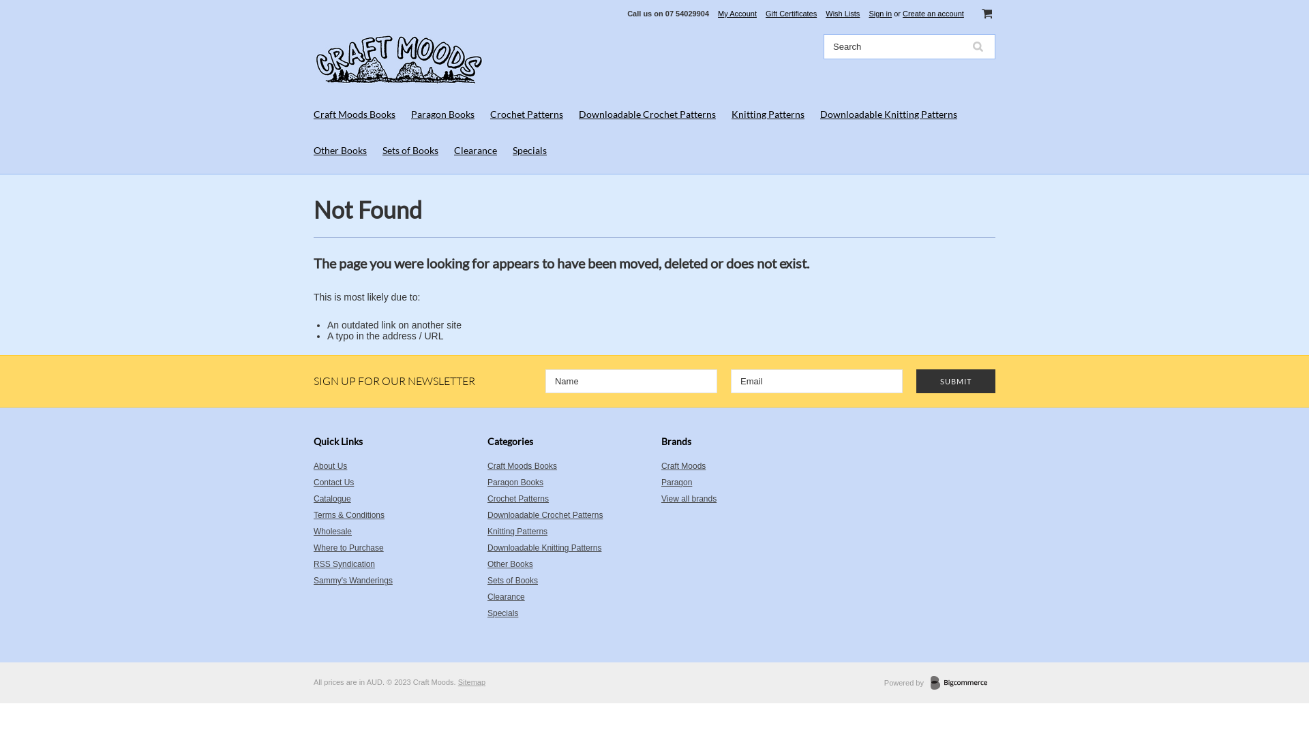 The image size is (1309, 736). What do you see at coordinates (987, 13) in the screenshot?
I see `'View Cart'` at bounding box center [987, 13].